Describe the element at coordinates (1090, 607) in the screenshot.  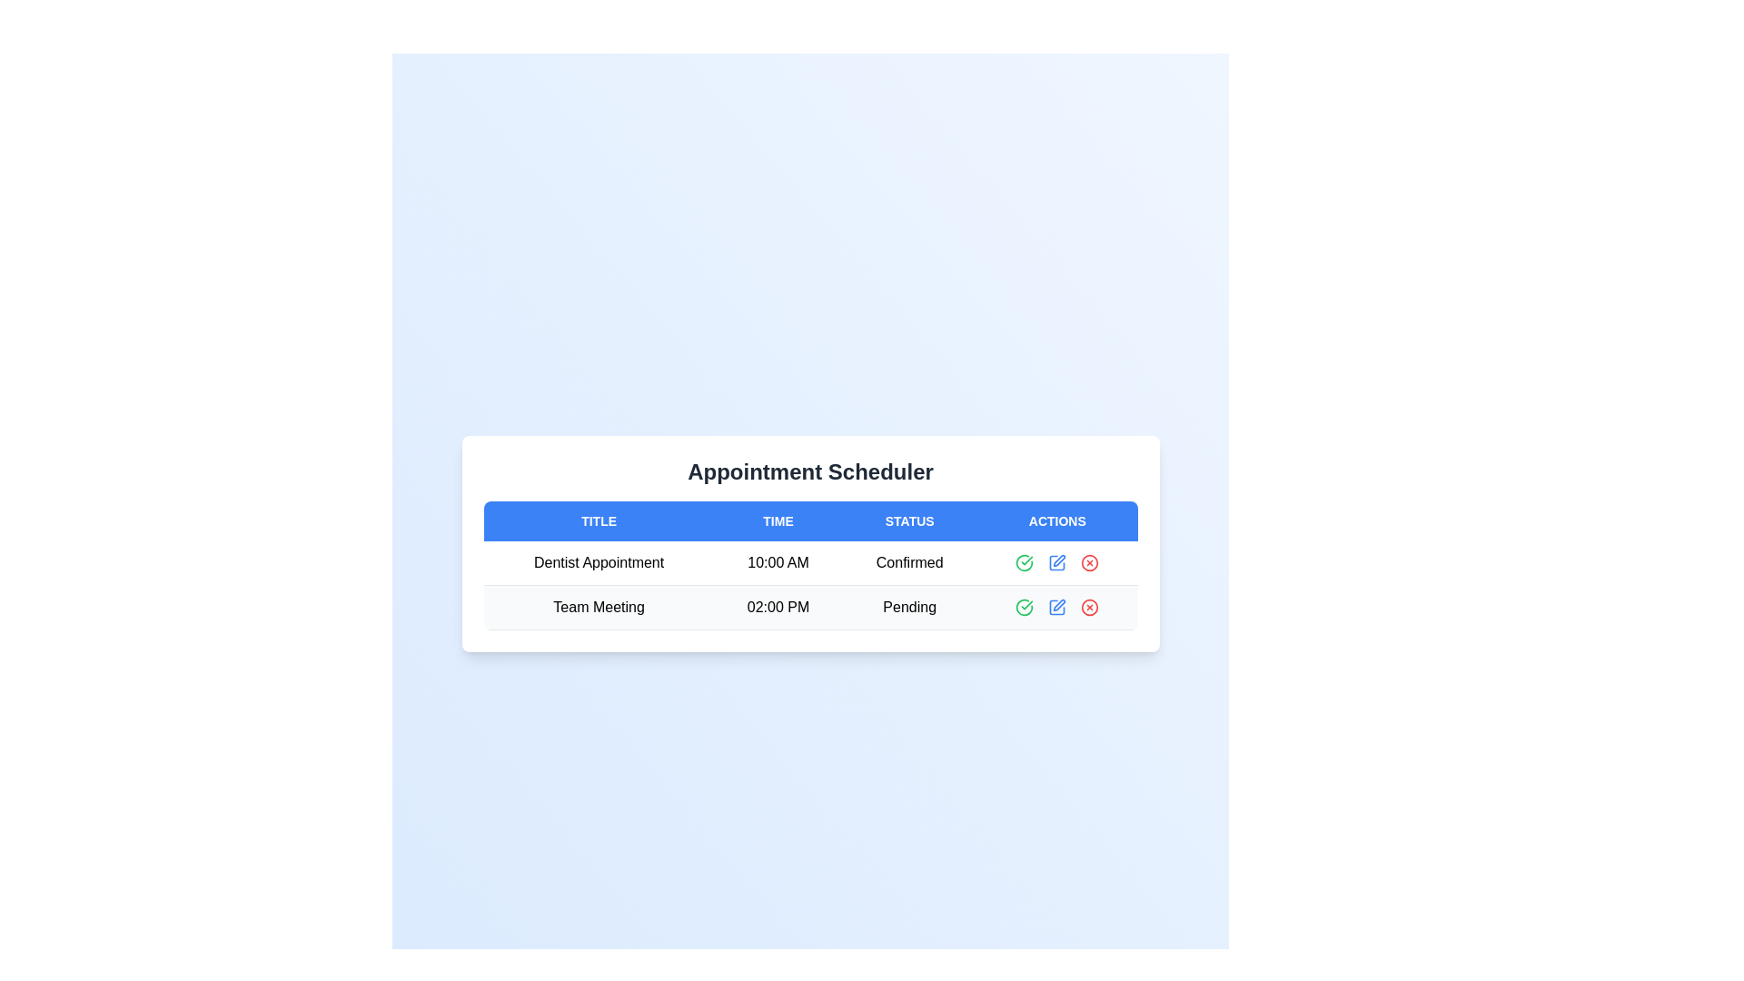
I see `the delete button located at the far right of the second row under the 'Actions' column in the table` at that location.